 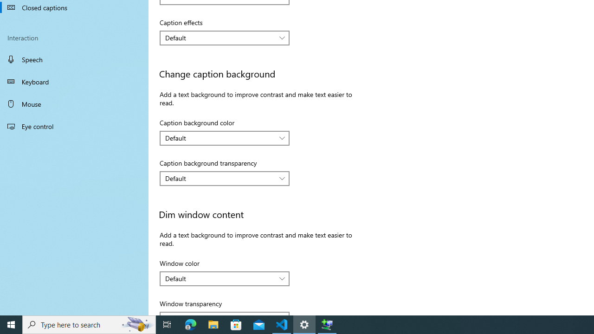 What do you see at coordinates (74, 59) in the screenshot?
I see `'Speech'` at bounding box center [74, 59].